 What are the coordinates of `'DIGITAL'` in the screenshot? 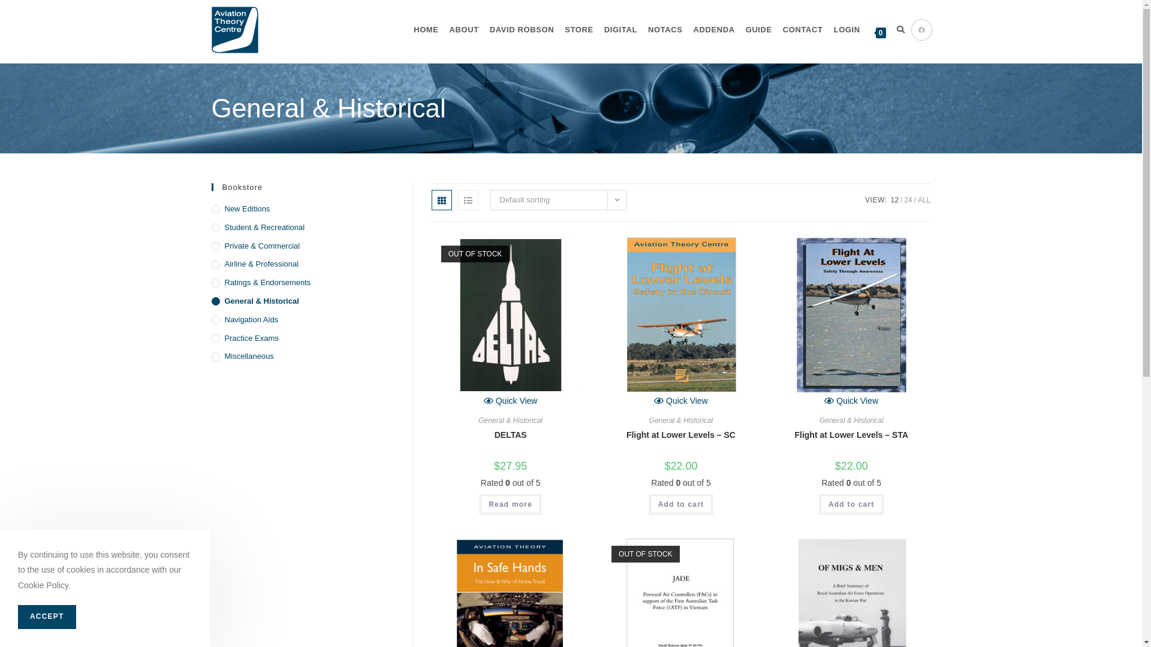 It's located at (620, 29).